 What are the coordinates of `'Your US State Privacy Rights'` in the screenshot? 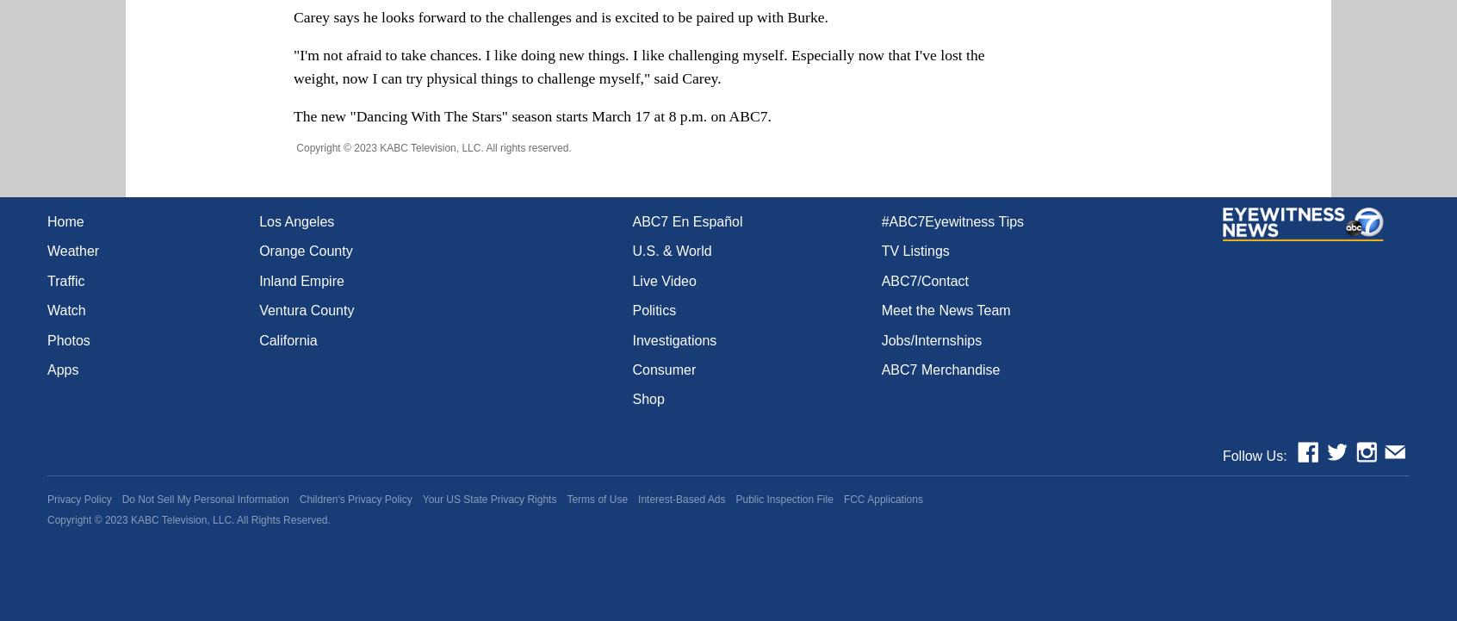 It's located at (488, 498).